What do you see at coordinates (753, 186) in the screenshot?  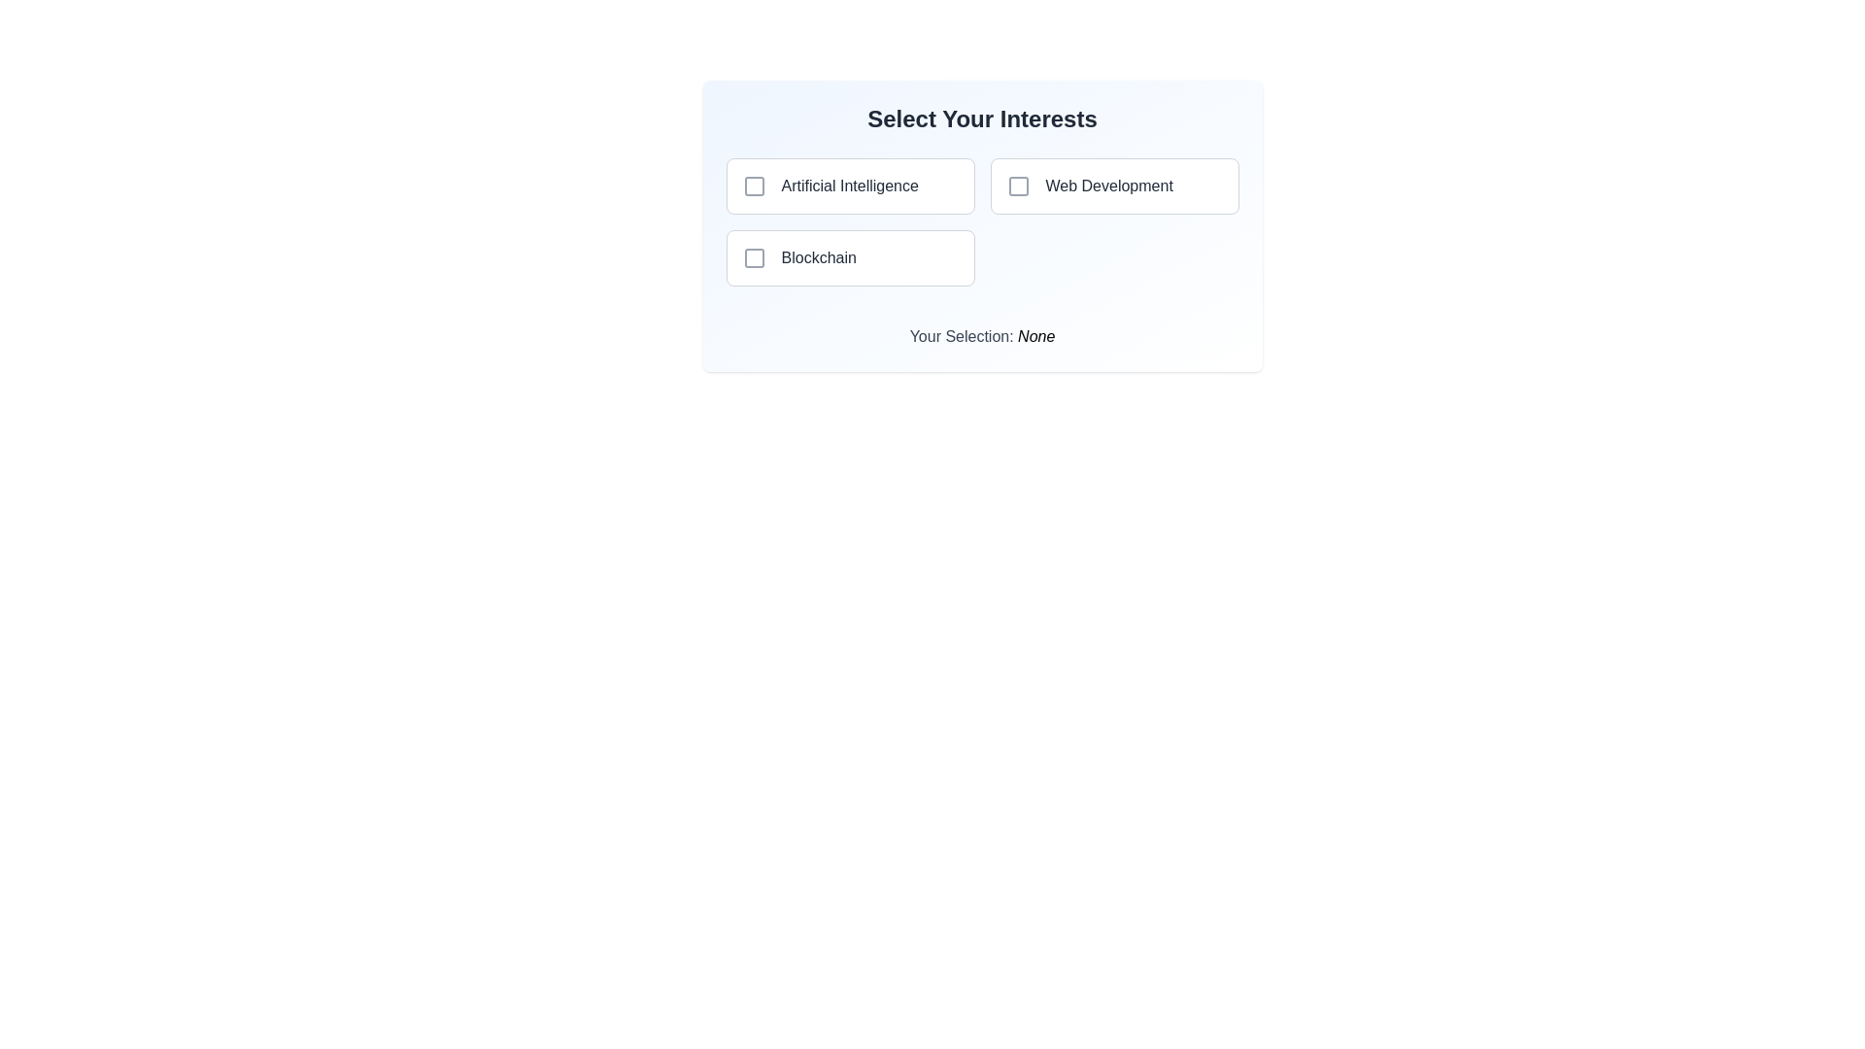 I see `the unselected checkbox located next to the text label 'Artificial Intelligence'` at bounding box center [753, 186].